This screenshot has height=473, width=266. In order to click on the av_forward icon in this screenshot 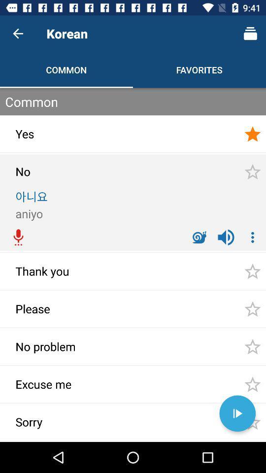, I will do `click(237, 413)`.